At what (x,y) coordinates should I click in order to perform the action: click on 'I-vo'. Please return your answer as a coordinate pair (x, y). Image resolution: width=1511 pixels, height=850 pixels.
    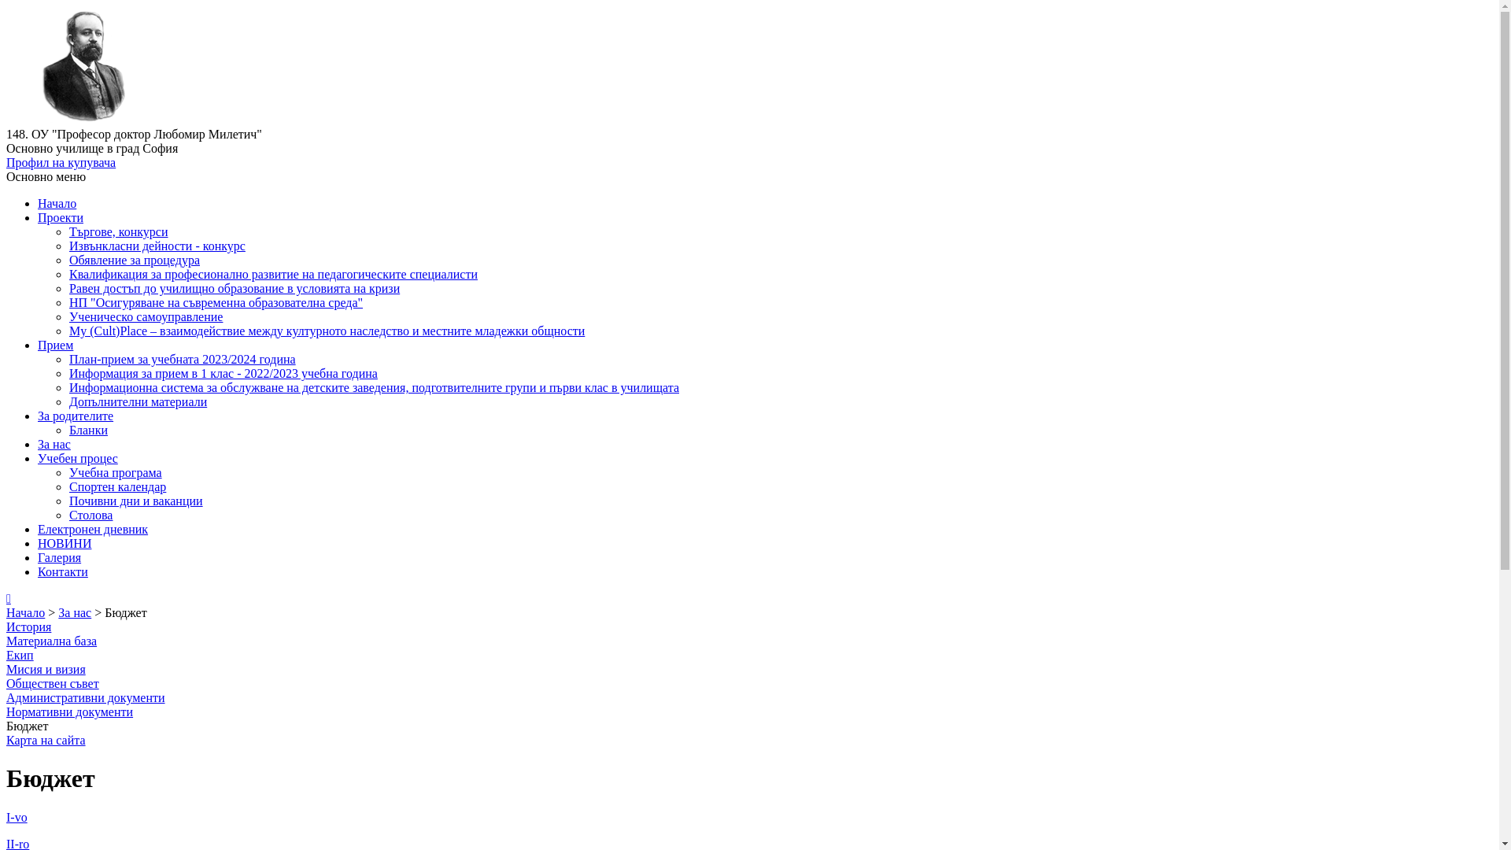
    Looking at the image, I should click on (17, 816).